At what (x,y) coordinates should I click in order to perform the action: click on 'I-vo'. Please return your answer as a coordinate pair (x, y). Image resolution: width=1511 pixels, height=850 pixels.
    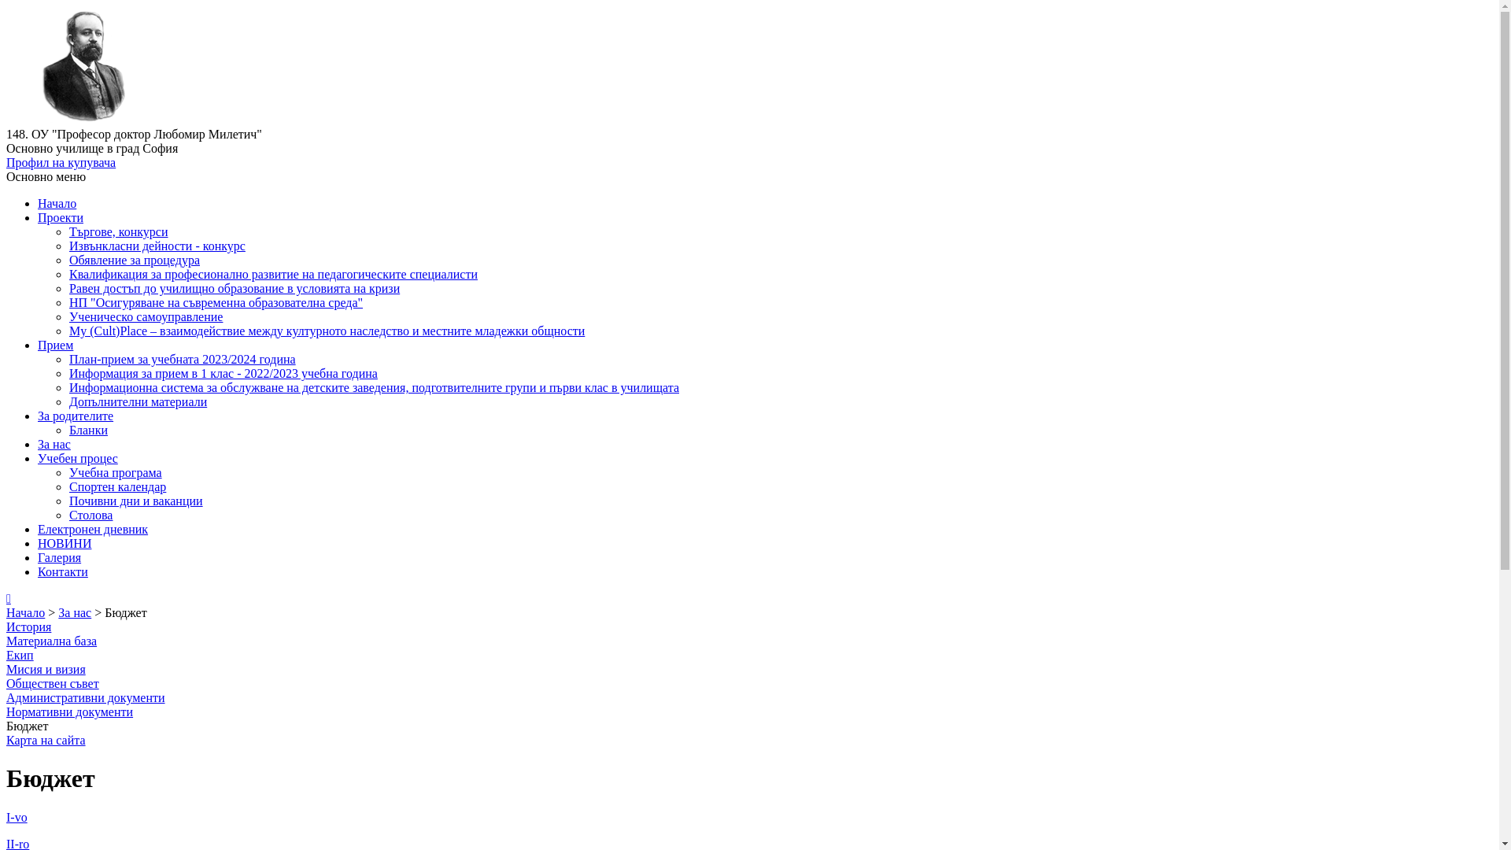
    Looking at the image, I should click on (17, 816).